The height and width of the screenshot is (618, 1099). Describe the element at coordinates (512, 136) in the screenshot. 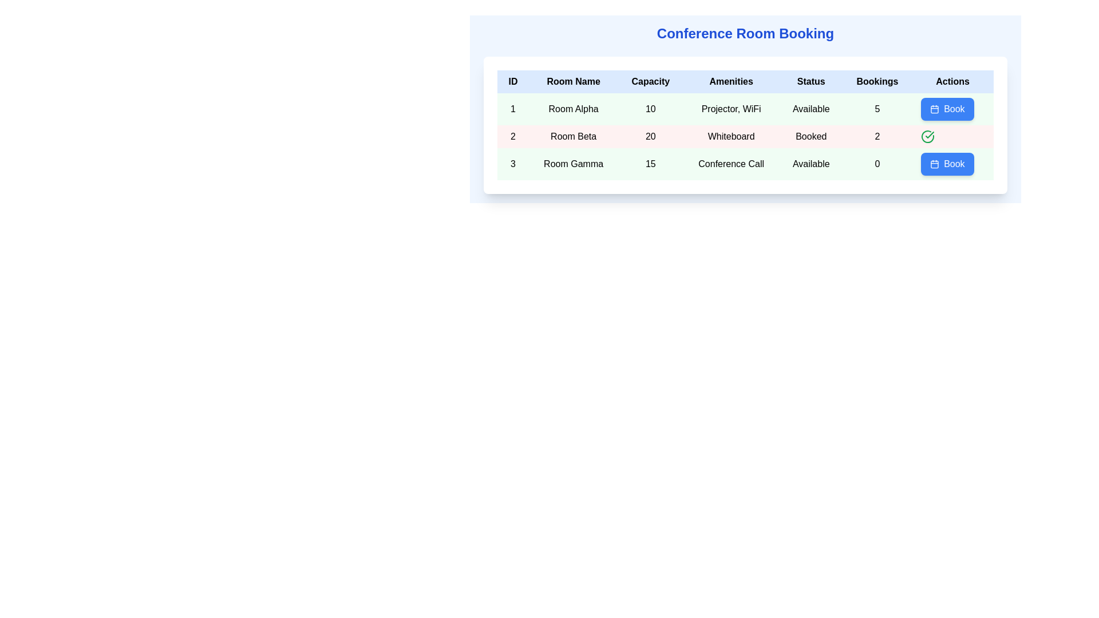

I see `the text label in the second row of the table under the 'ID' column, which identifies 'Room Beta'` at that location.